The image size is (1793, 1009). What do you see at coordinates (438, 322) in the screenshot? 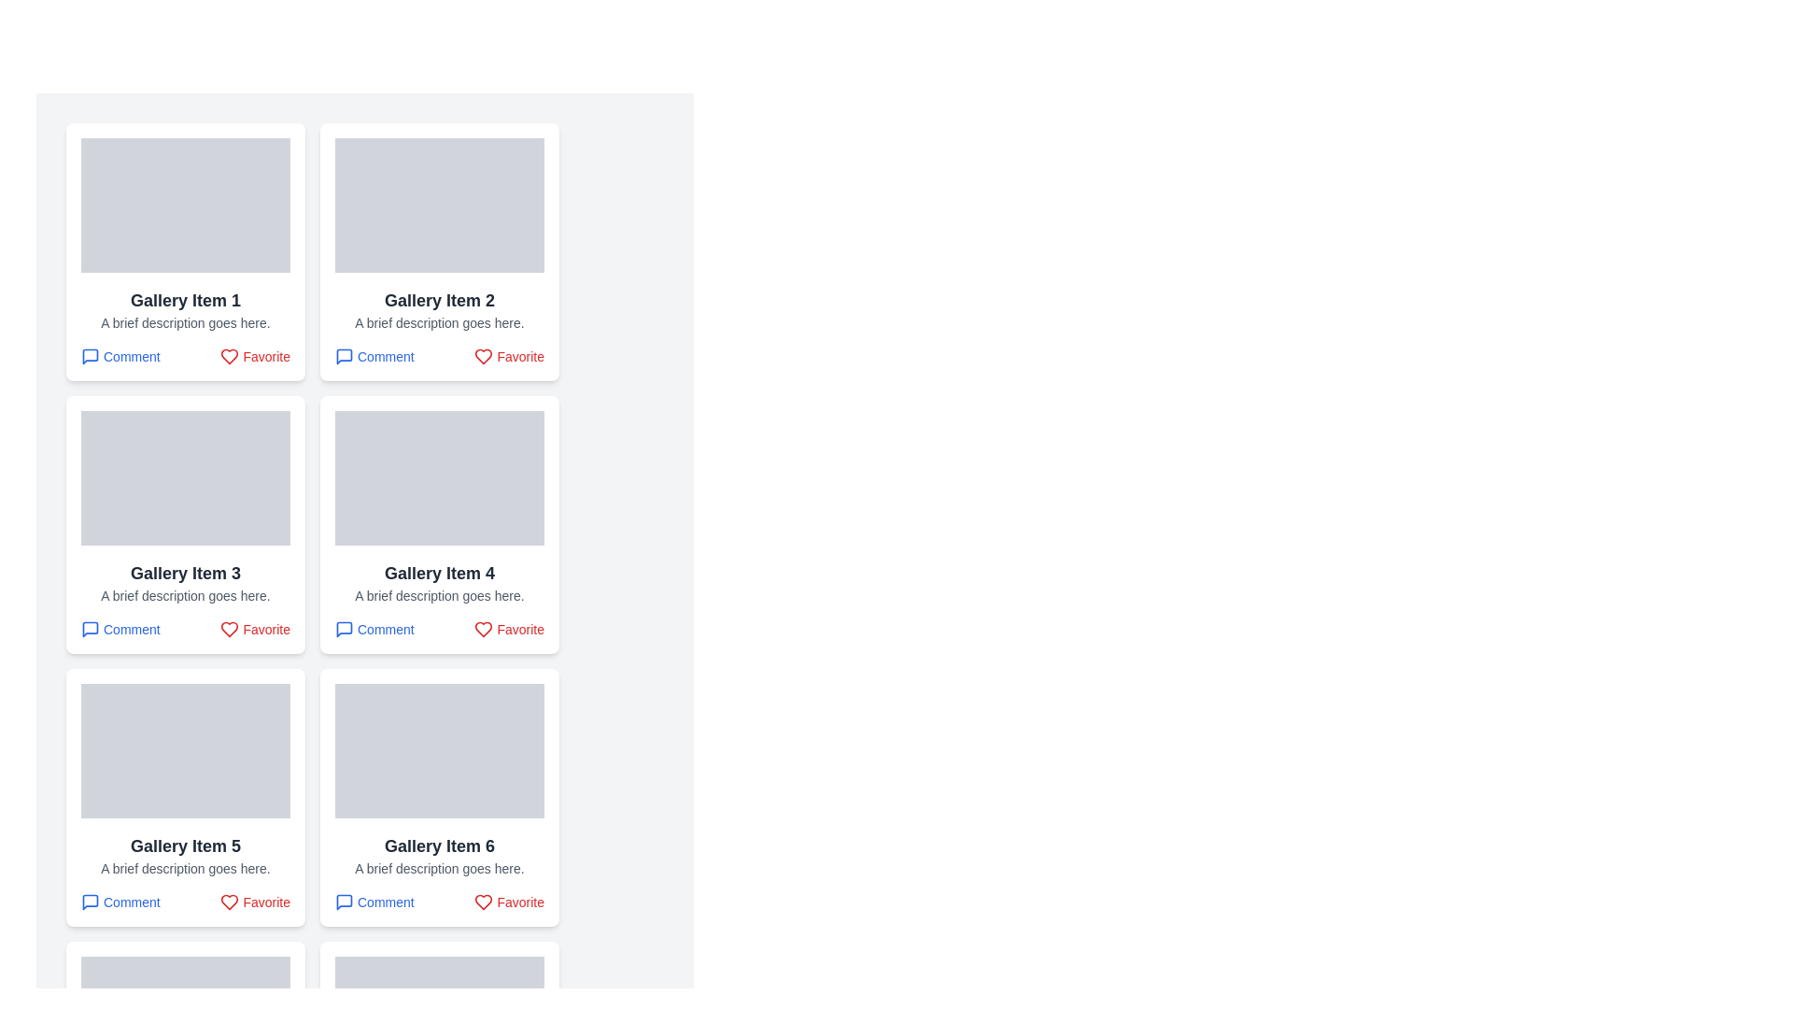
I see `text content of the element labeled 'A brief description goes here.' located beneath 'Gallery Item 2' in the gallery grid layout` at bounding box center [438, 322].